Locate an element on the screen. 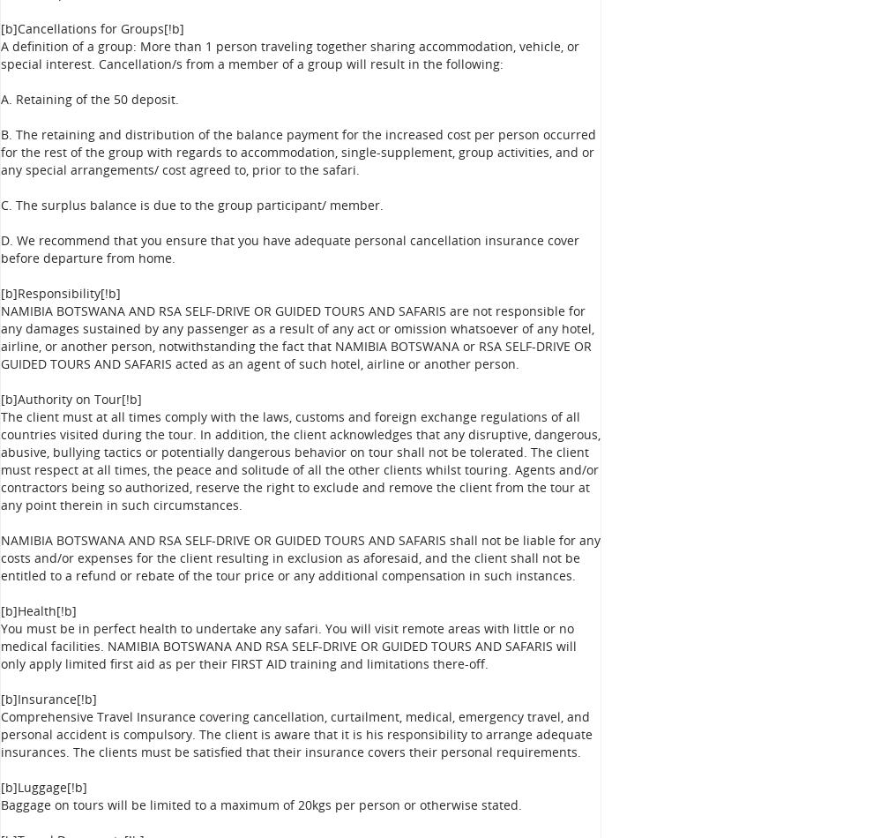  'D. We recommend that you ensure that you have adequate personal cancellation insurance cover before departure from home.' is located at coordinates (288, 248).